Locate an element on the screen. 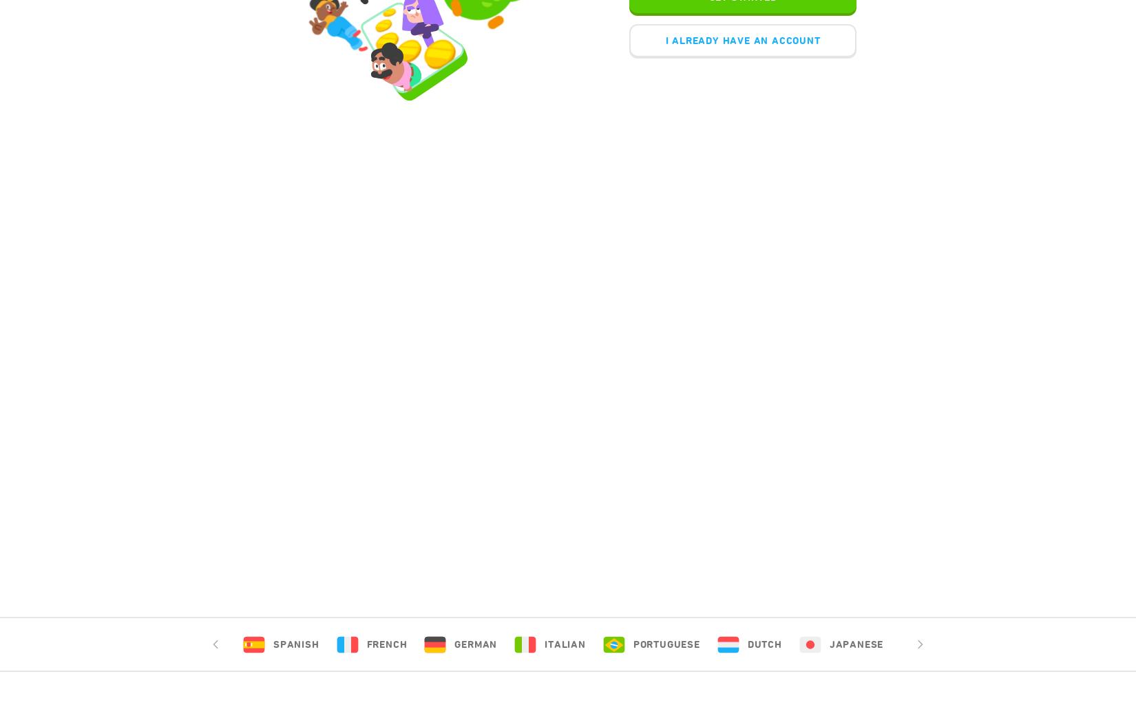 Image resolution: width=1136 pixels, height=705 pixels. 'German' is located at coordinates (475, 644).